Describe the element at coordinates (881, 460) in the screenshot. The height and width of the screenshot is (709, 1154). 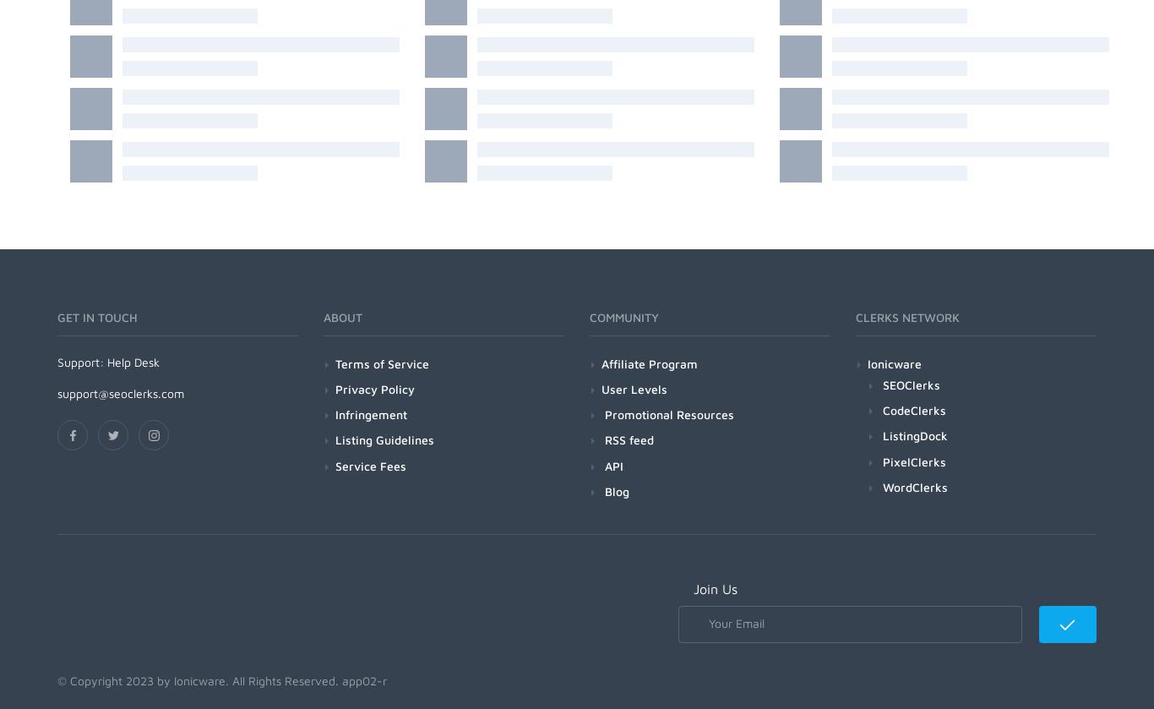
I see `'PixelClerks'` at that location.